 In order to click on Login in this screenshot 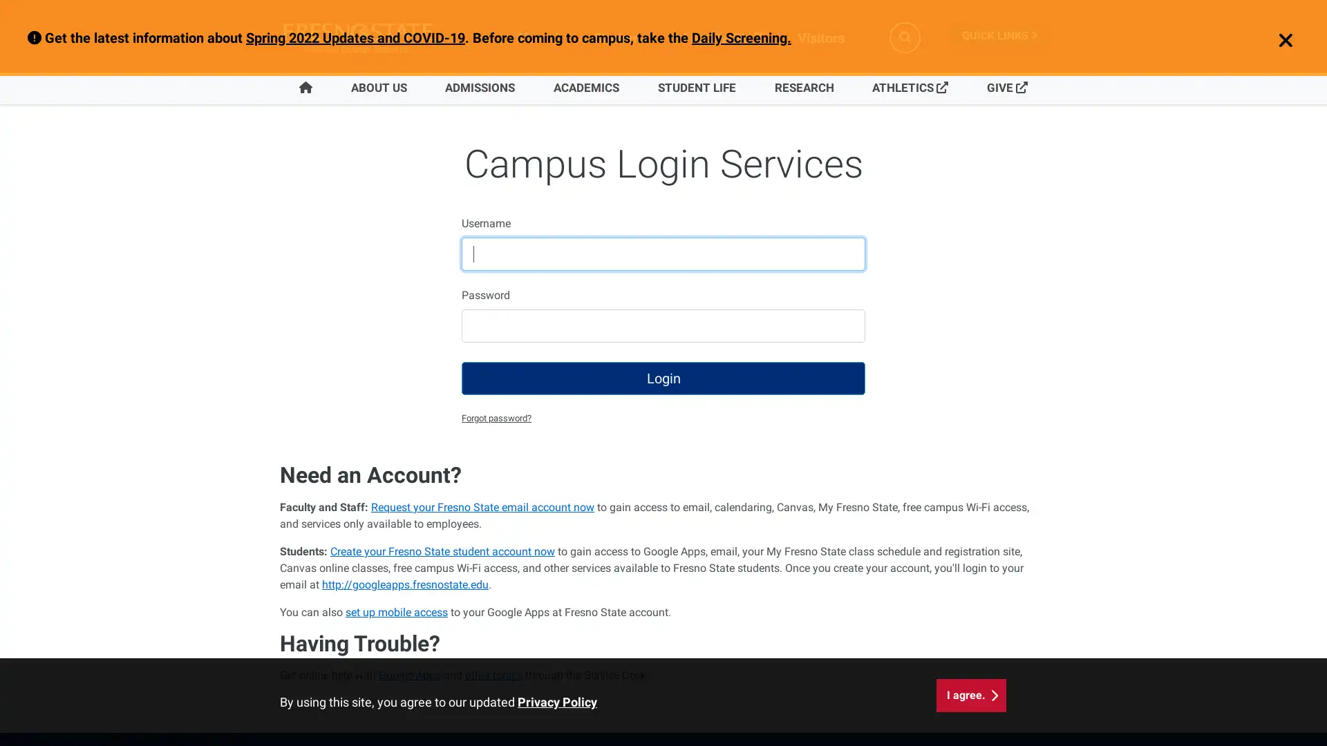, I will do `click(663, 378)`.